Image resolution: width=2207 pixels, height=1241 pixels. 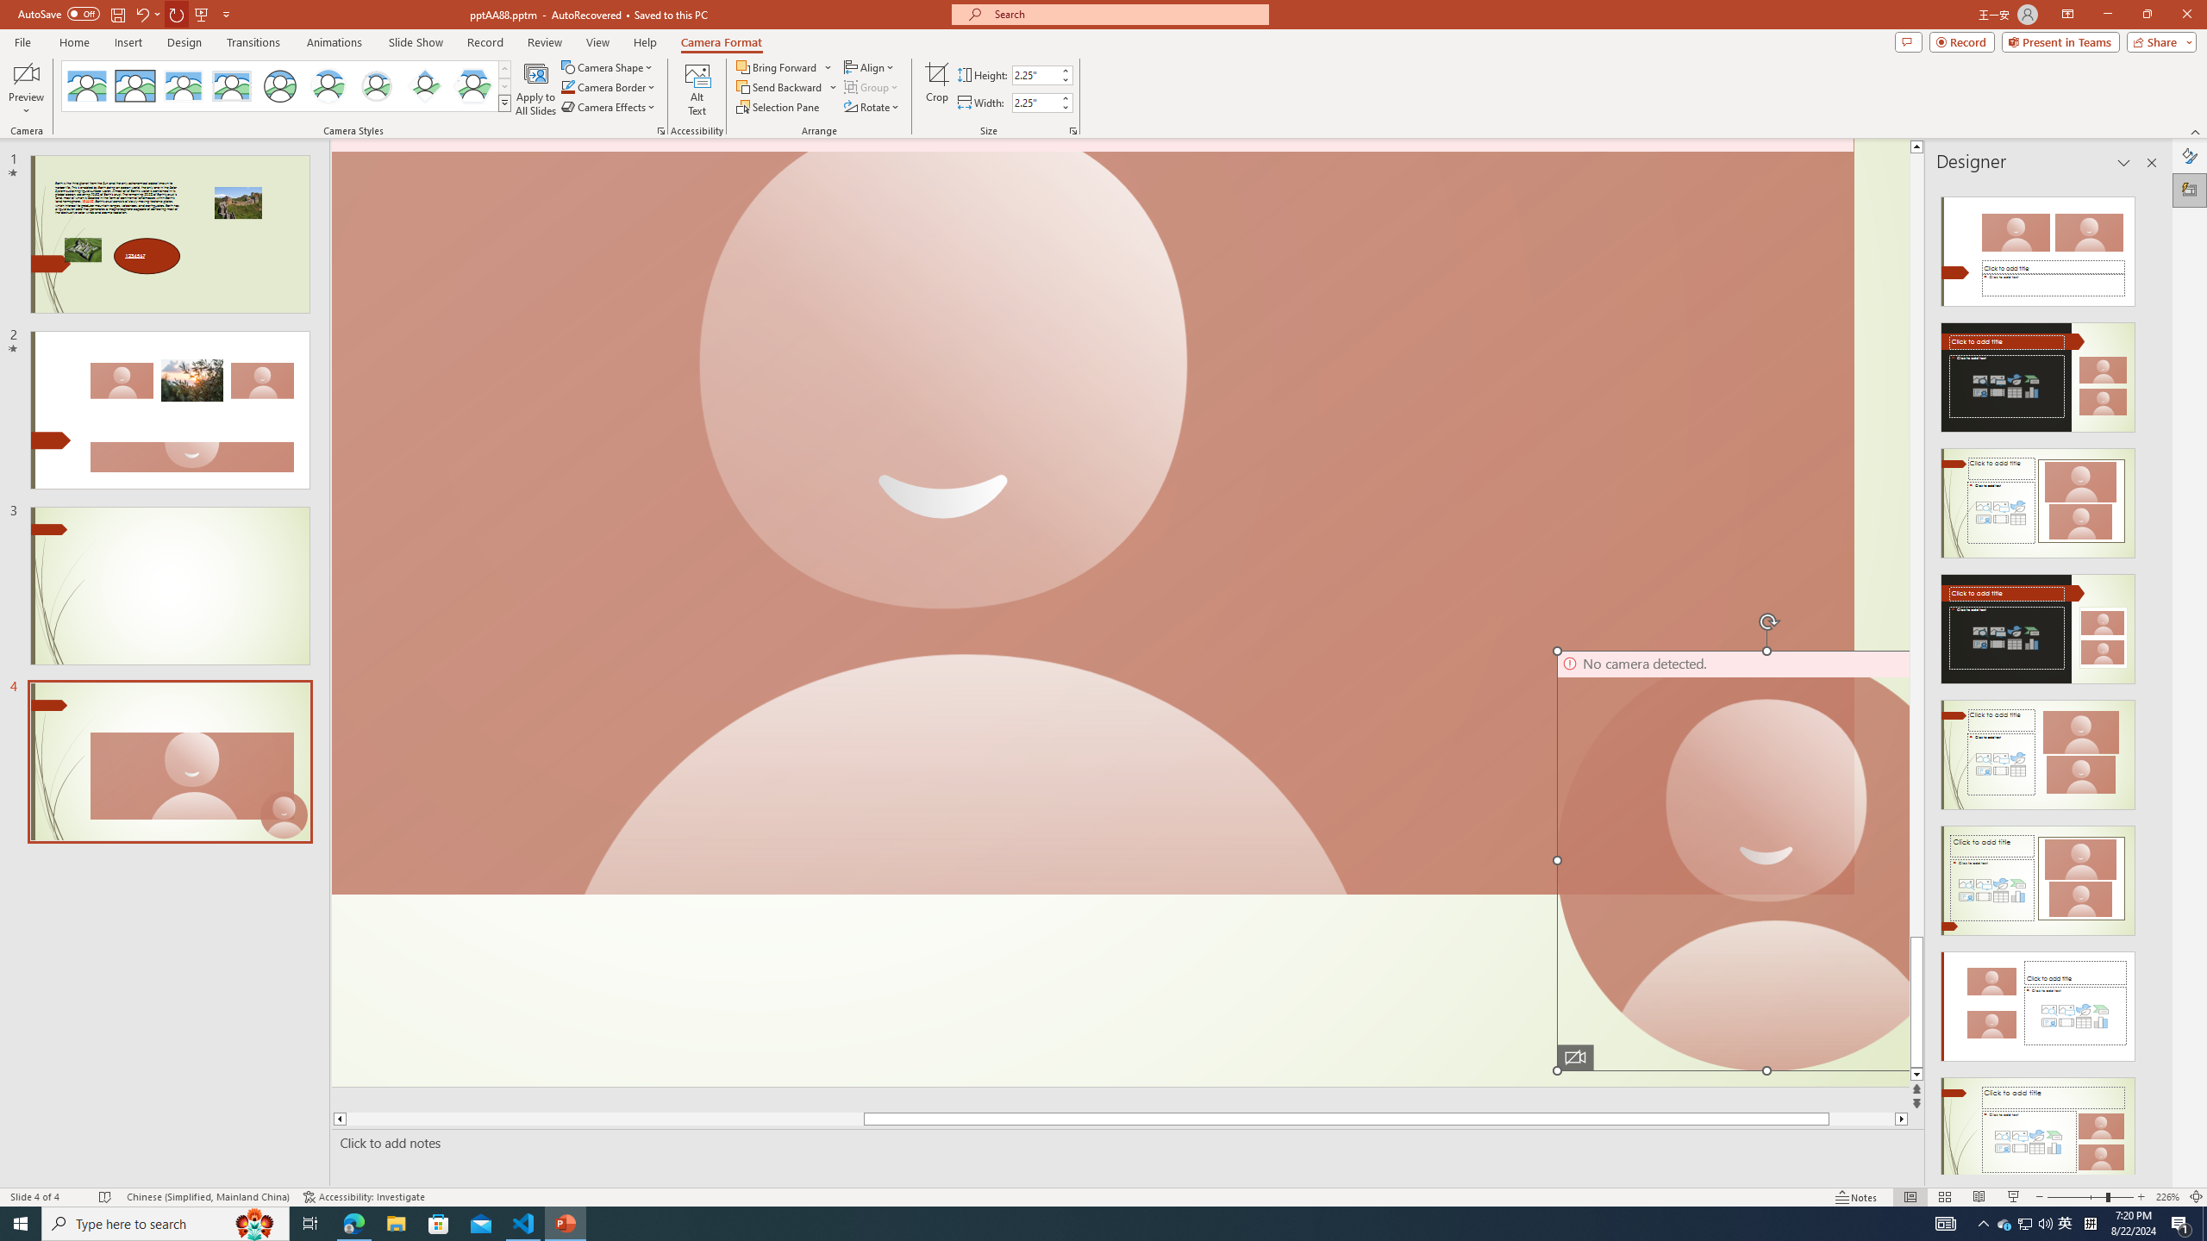 What do you see at coordinates (608, 85) in the screenshot?
I see `'Camera Border'` at bounding box center [608, 85].